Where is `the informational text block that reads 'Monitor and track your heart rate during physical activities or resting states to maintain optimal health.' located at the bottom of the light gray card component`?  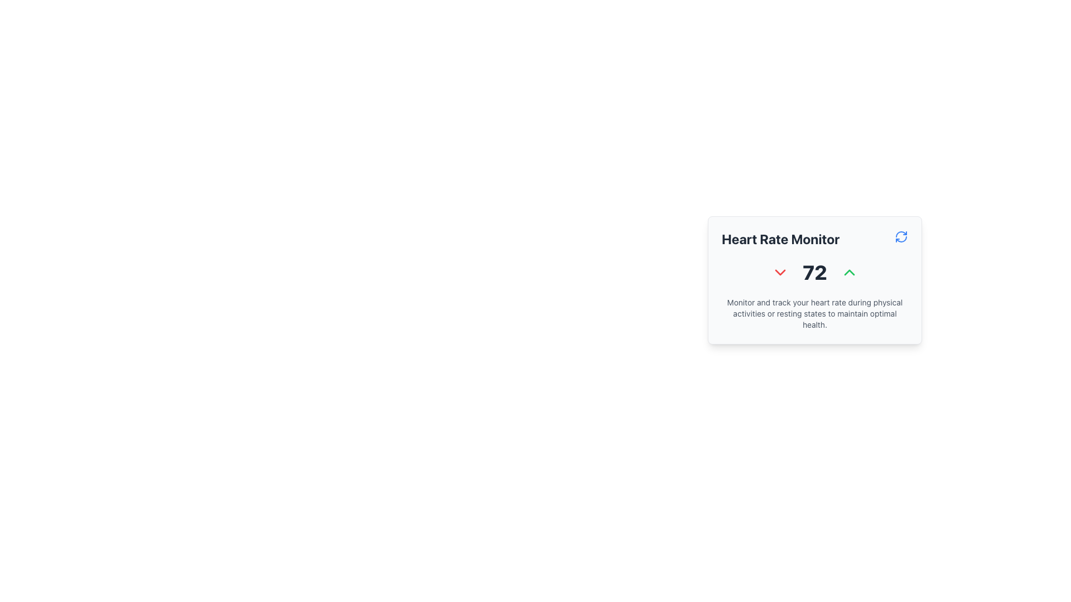
the informational text block that reads 'Monitor and track your heart rate during physical activities or resting states to maintain optimal health.' located at the bottom of the light gray card component is located at coordinates (814, 314).